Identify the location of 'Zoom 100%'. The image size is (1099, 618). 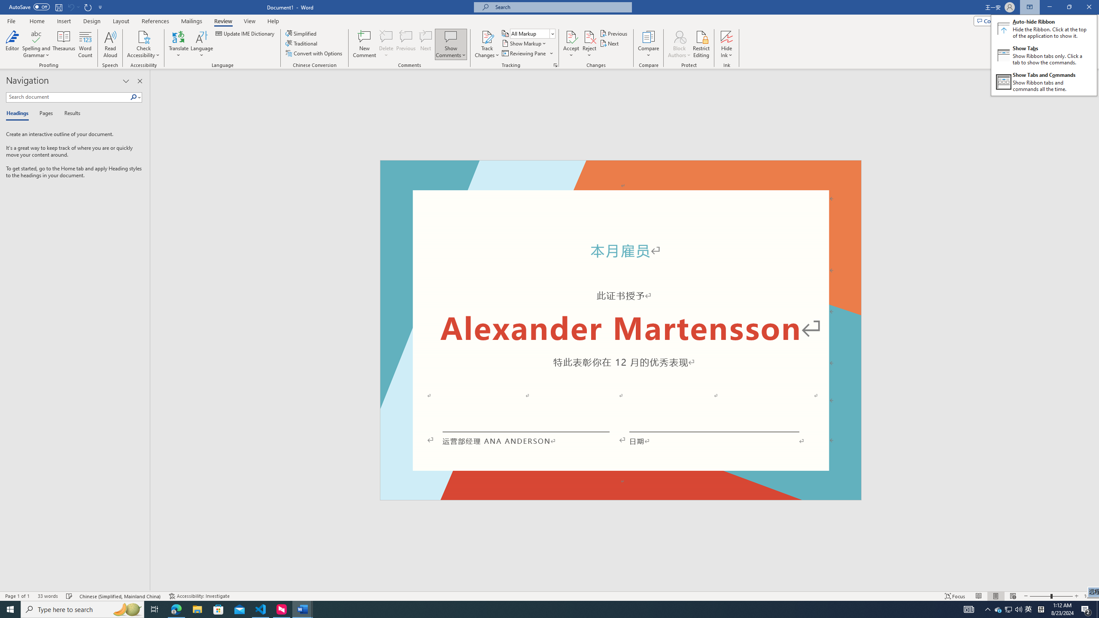
(1089, 596).